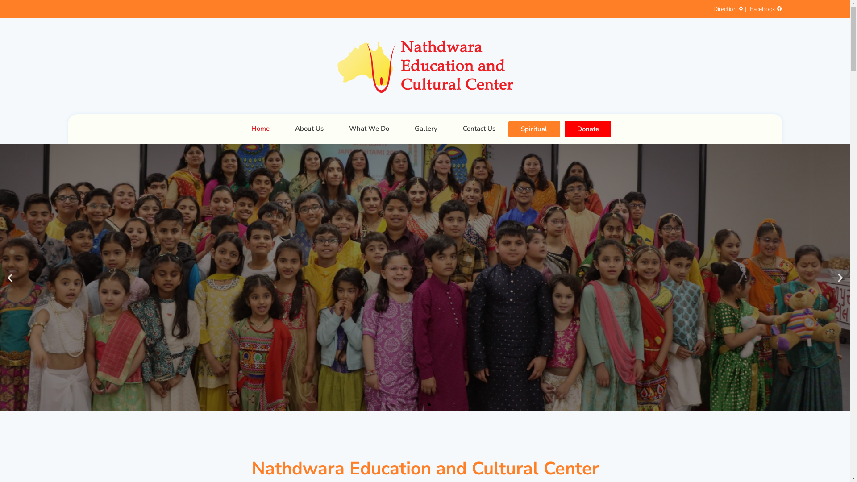 This screenshot has height=482, width=857. What do you see at coordinates (729, 9) in the screenshot?
I see `'Direction'` at bounding box center [729, 9].